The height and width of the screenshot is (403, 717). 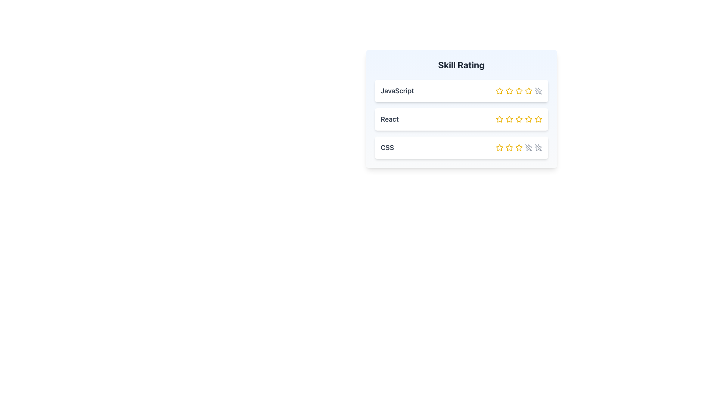 I want to click on the third star icon used for rating the 'React' skill, so click(x=518, y=119).